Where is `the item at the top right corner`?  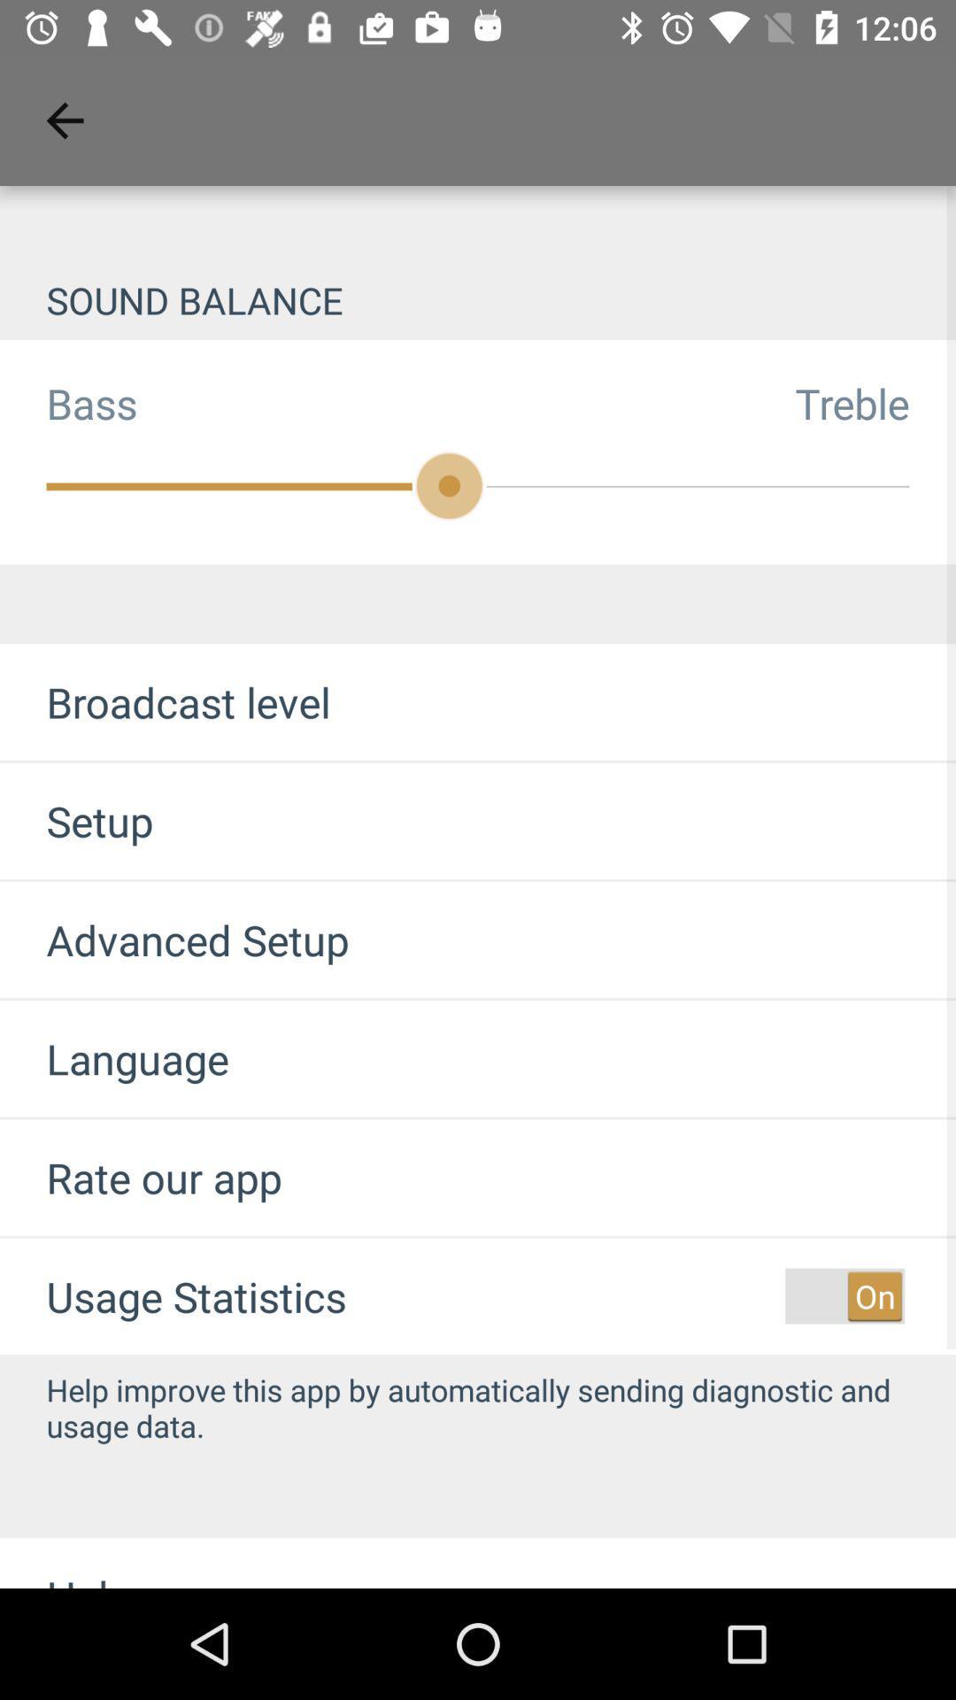 the item at the top right corner is located at coordinates (875, 402).